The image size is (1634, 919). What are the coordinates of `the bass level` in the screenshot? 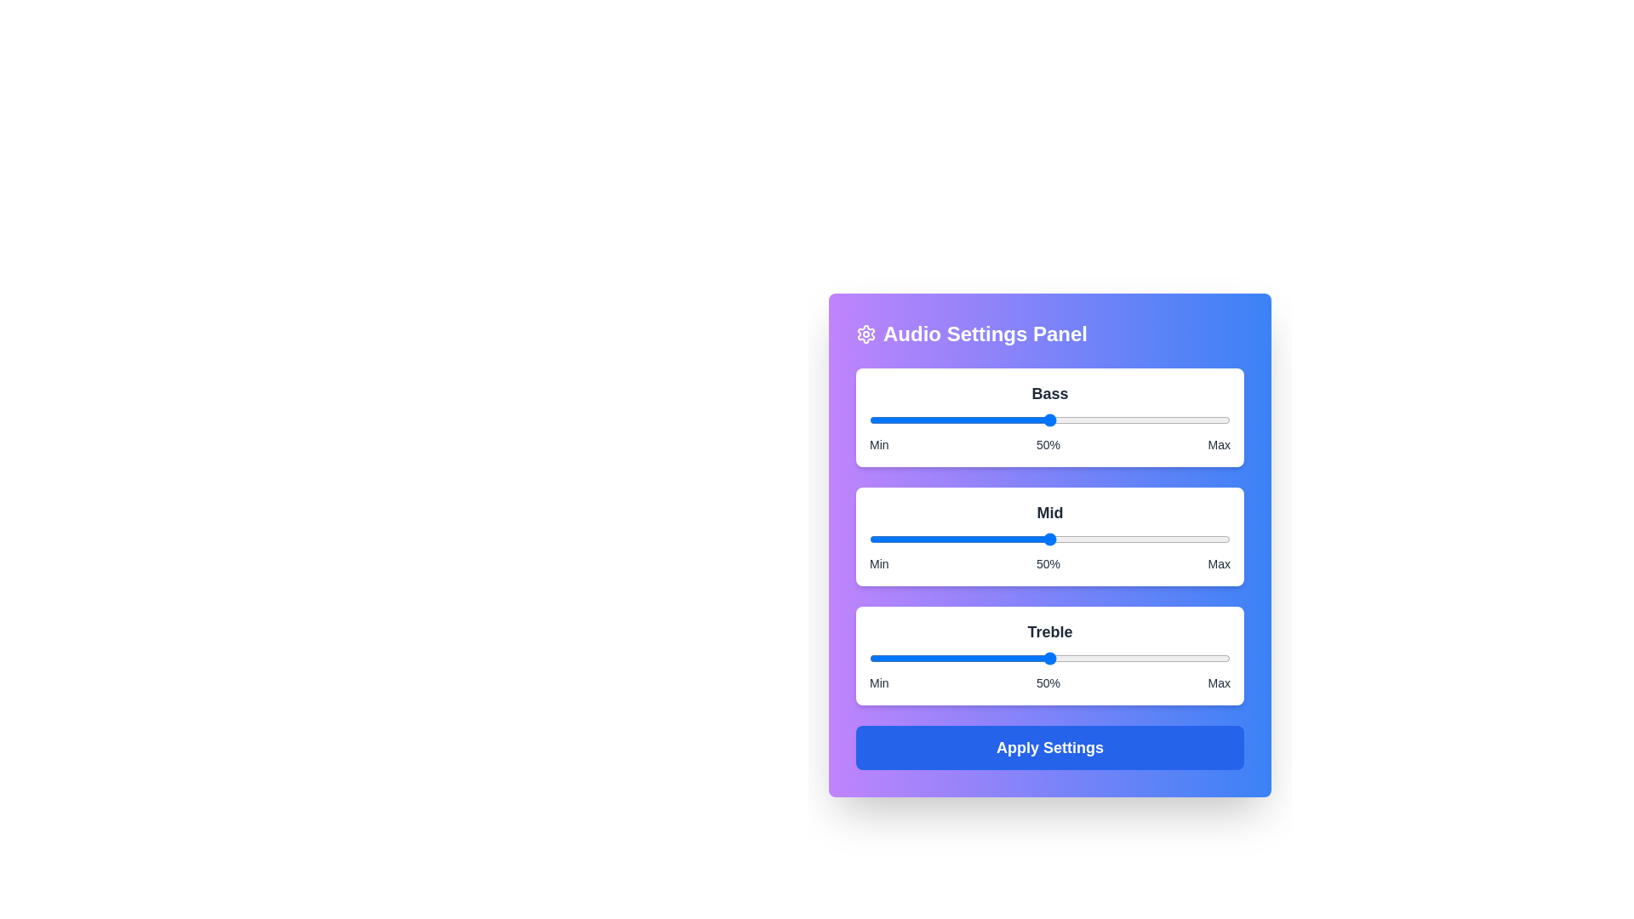 It's located at (1182, 420).